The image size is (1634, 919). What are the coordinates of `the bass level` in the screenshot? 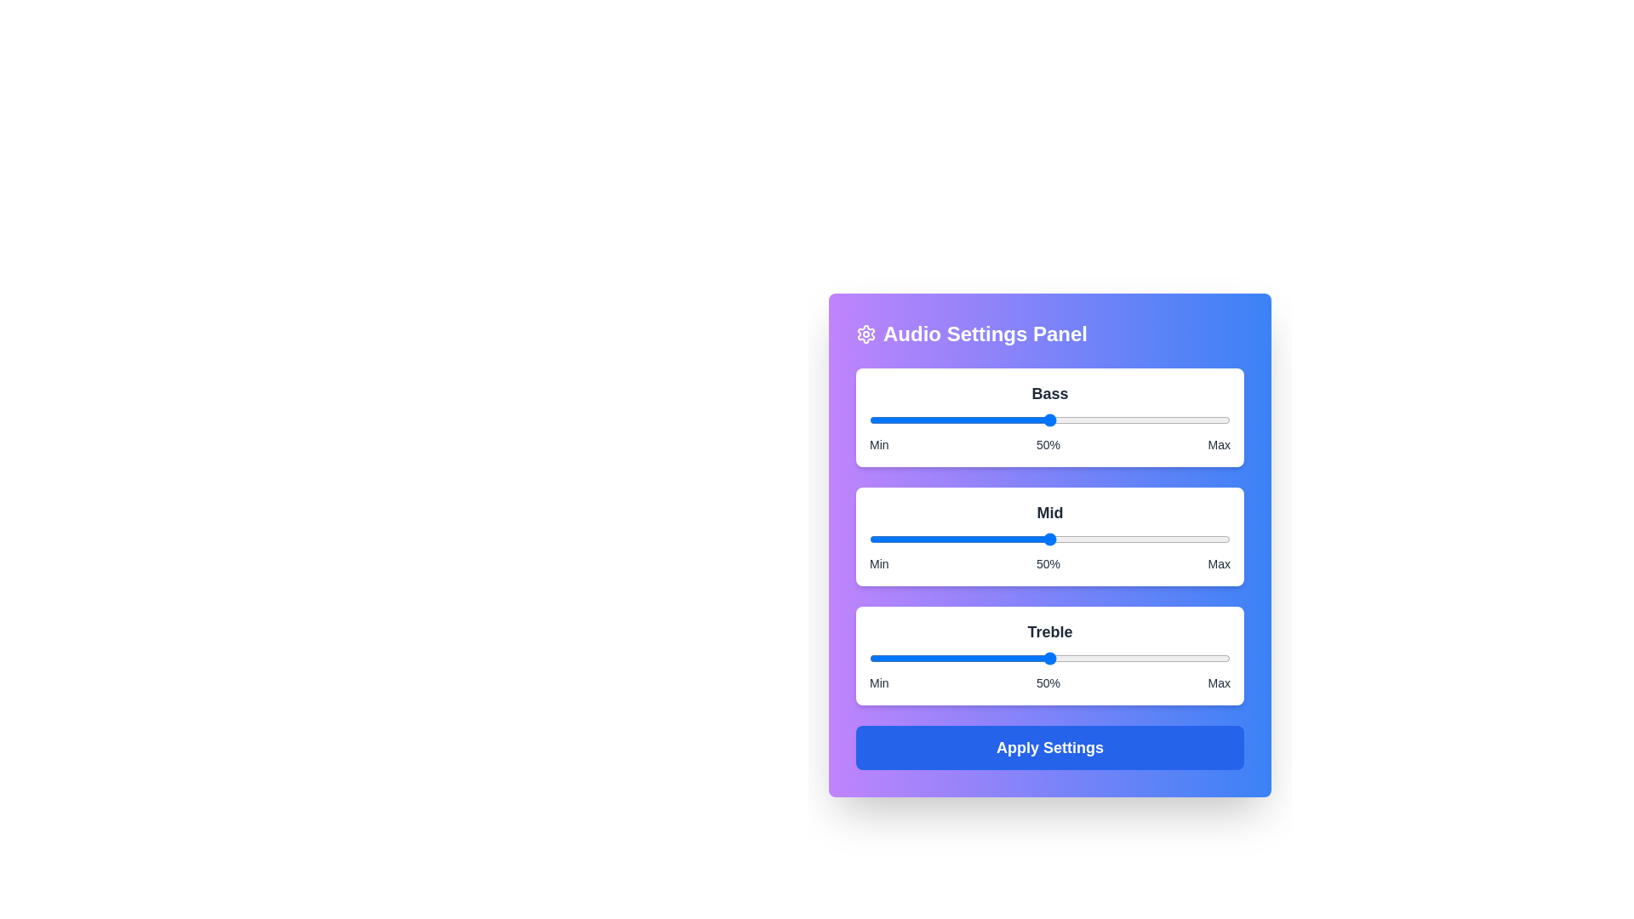 It's located at (1182, 420).